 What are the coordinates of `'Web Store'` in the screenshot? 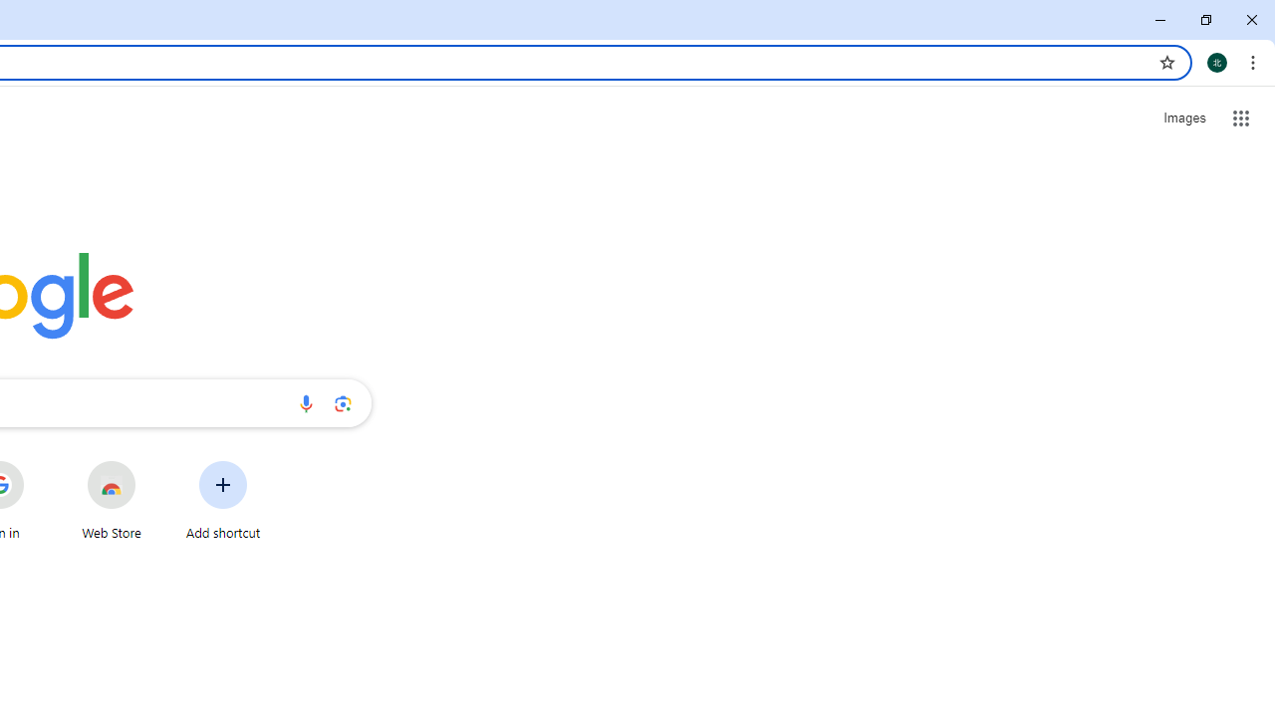 It's located at (111, 499).